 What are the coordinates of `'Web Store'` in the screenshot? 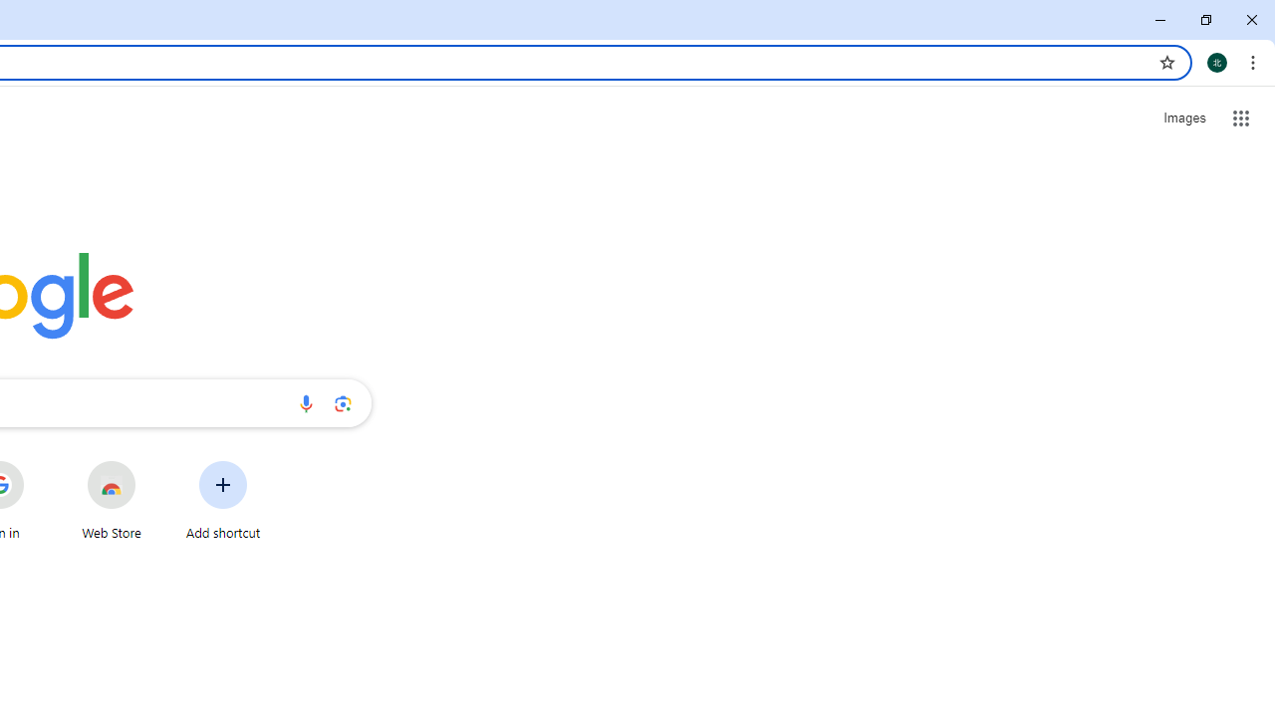 It's located at (111, 499).